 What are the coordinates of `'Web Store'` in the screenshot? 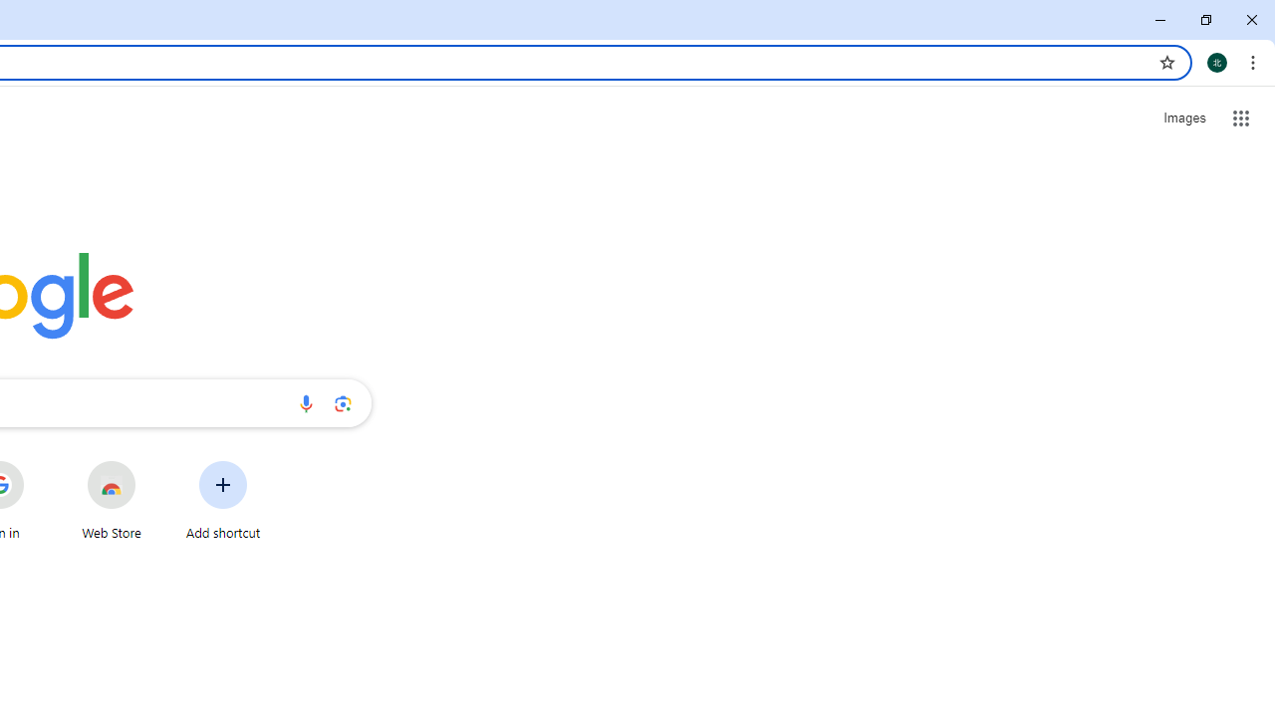 It's located at (111, 499).